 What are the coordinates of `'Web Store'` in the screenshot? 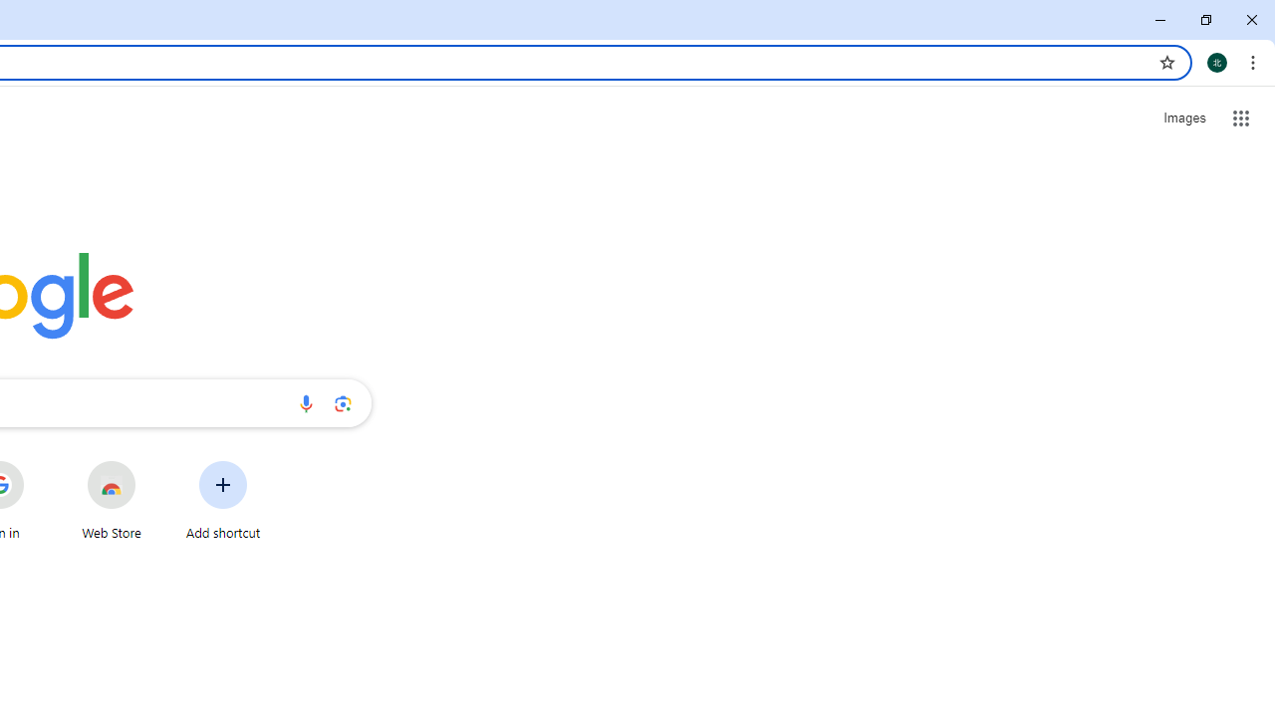 It's located at (111, 499).